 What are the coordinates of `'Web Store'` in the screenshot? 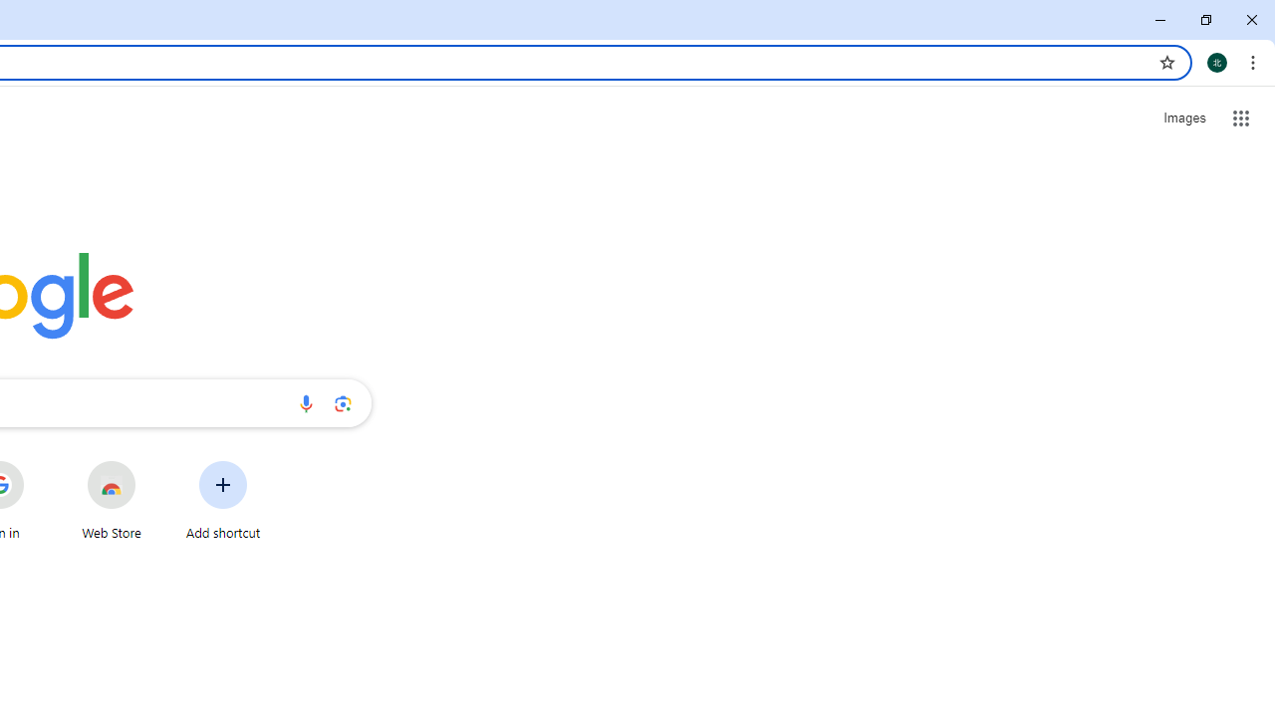 It's located at (111, 499).